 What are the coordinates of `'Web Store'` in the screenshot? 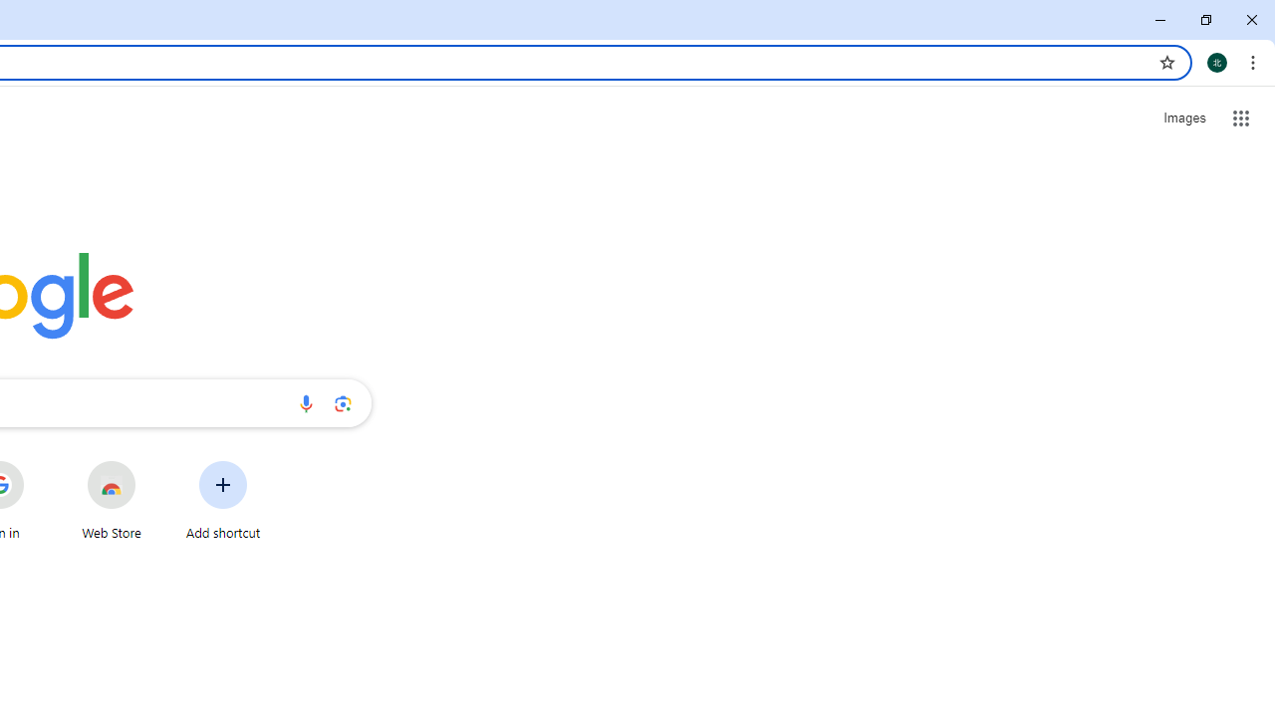 It's located at (111, 499).